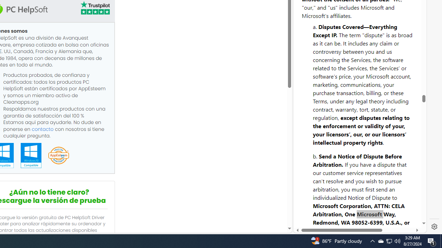 The image size is (442, 248). What do you see at coordinates (58, 156) in the screenshot?
I see `'App Esteem'` at bounding box center [58, 156].